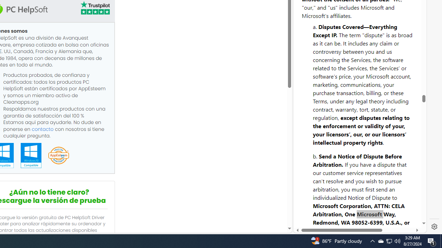 The image size is (442, 248). What do you see at coordinates (58, 156) in the screenshot?
I see `'App Esteem'` at bounding box center [58, 156].